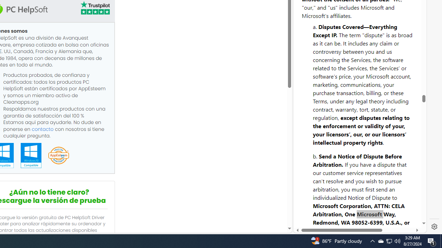 The image size is (442, 248). What do you see at coordinates (58, 156) in the screenshot?
I see `'App Esteem'` at bounding box center [58, 156].